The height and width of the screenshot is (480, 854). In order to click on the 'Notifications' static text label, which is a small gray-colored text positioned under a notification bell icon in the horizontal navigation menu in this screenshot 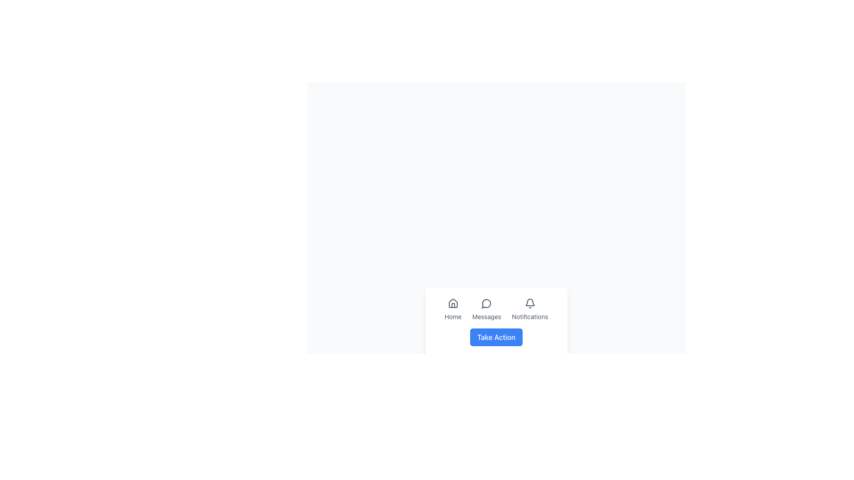, I will do `click(530, 316)`.